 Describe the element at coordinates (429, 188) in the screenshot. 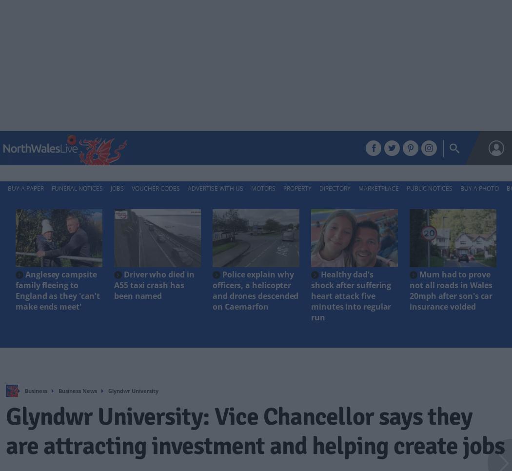

I see `'Public Notices'` at that location.